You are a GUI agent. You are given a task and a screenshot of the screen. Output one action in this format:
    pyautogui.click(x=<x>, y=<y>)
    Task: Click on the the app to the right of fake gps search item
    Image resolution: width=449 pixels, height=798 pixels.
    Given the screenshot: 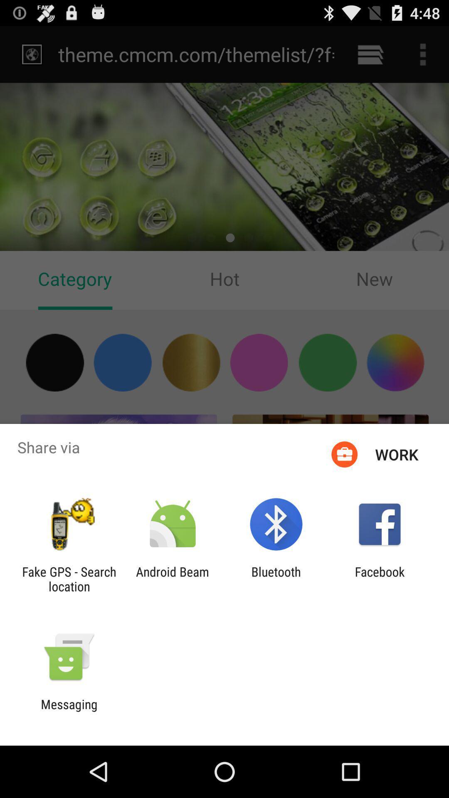 What is the action you would take?
    pyautogui.click(x=172, y=579)
    